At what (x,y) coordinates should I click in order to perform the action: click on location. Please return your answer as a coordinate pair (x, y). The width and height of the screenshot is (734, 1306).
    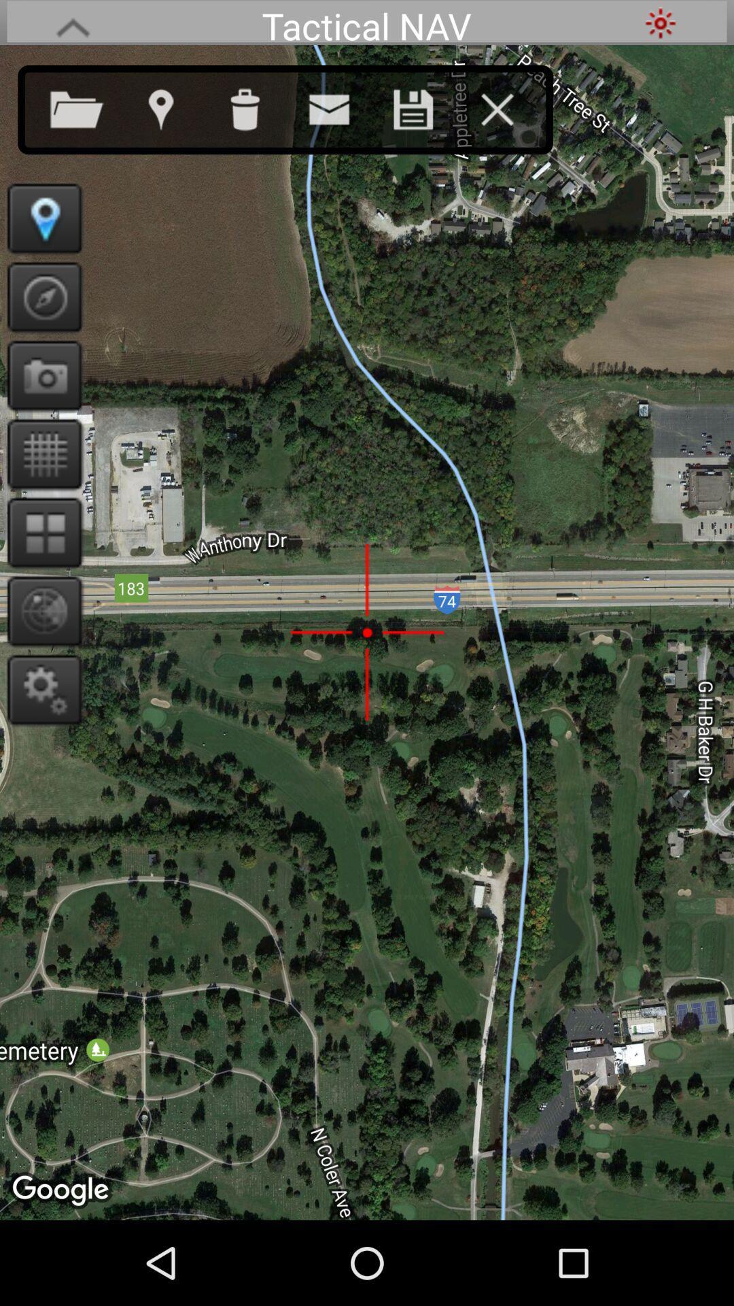
    Looking at the image, I should click on (426, 106).